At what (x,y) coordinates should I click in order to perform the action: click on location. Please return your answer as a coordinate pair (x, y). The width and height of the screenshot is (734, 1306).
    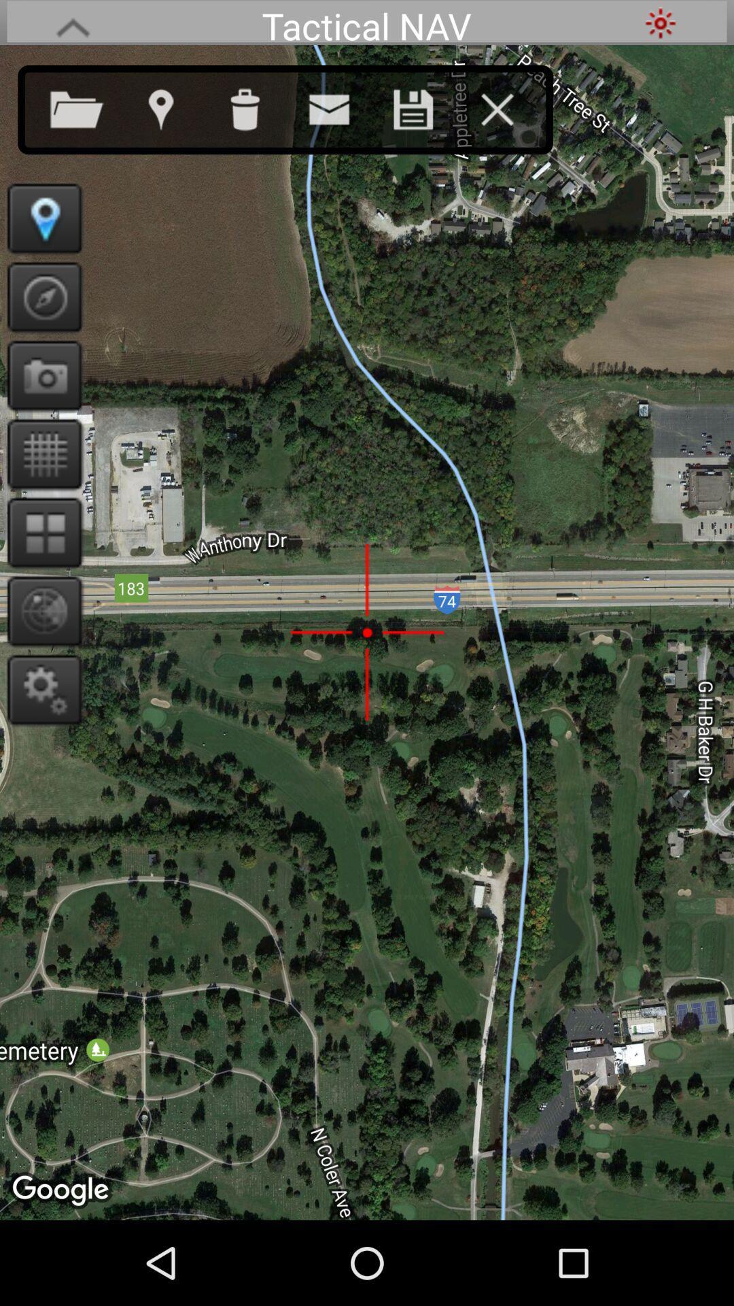
    Looking at the image, I should click on (426, 106).